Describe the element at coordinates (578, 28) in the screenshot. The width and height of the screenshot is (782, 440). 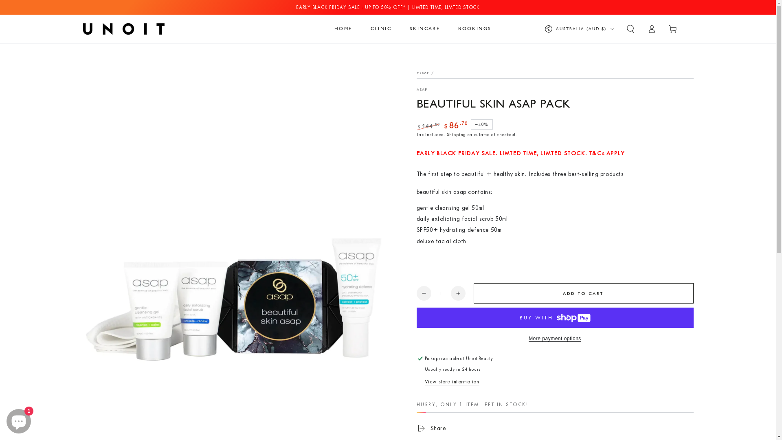
I see `'AUSTRALIA (AUD $)'` at that location.